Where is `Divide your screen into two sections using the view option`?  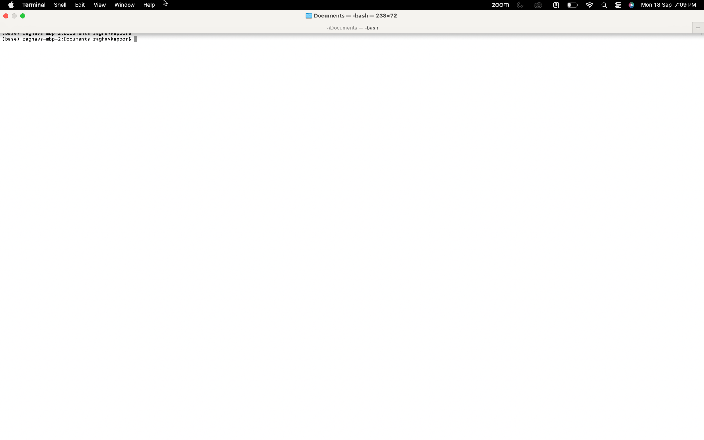
Divide your screen into two sections using the view option is located at coordinates (99, 5).